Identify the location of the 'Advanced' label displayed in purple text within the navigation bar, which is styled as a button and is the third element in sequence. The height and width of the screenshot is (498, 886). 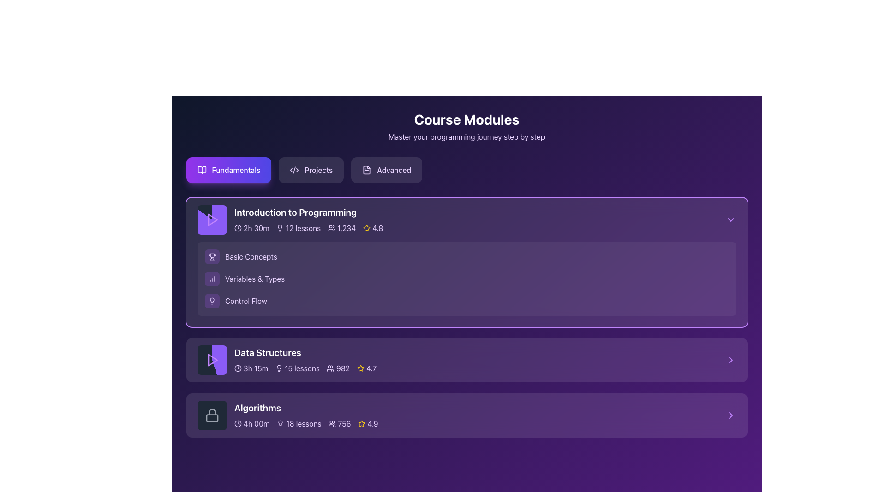
(394, 170).